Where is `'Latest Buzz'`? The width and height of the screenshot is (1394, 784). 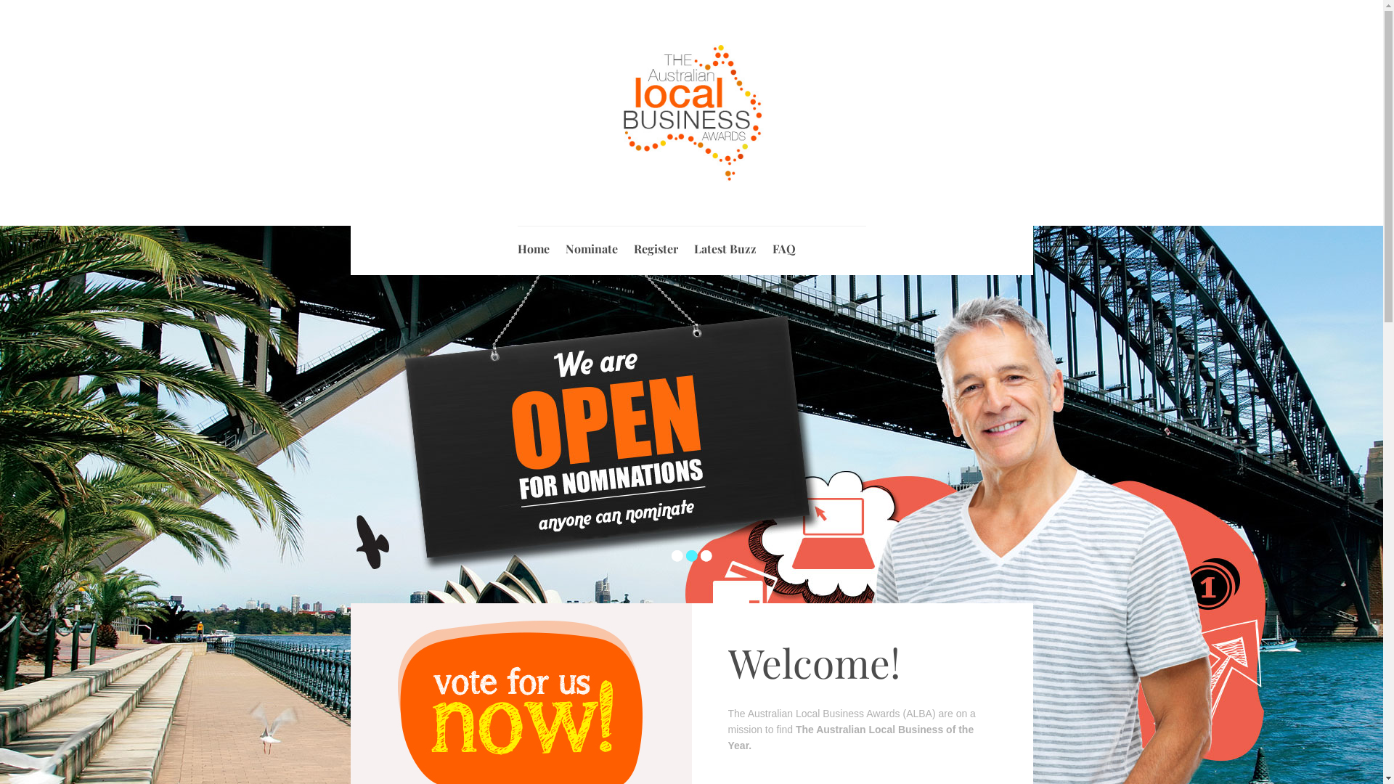
'Latest Buzz' is located at coordinates (725, 243).